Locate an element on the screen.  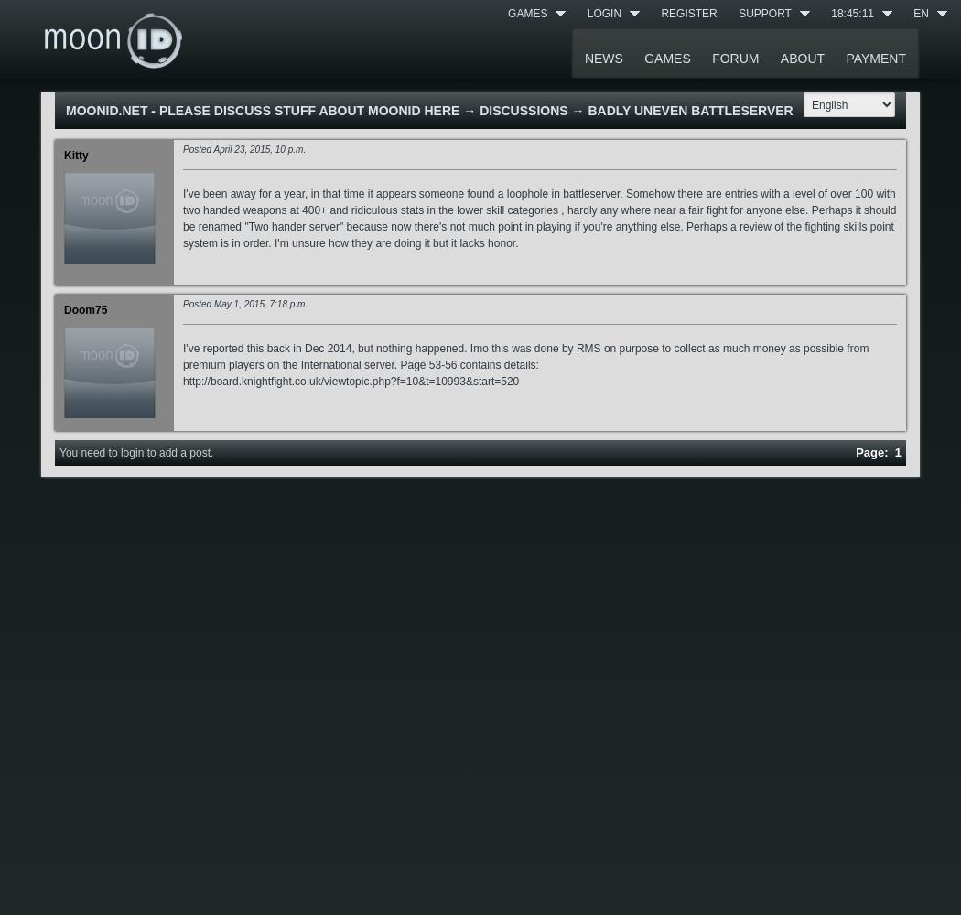
'http://board.knightfight.co.uk/viewtopic.php?f=10&t=10993&start=520' is located at coordinates (351, 382).